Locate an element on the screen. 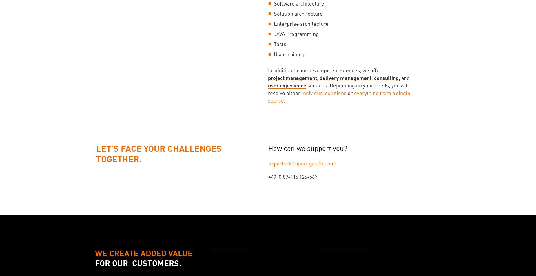 The image size is (536, 276). '+49 (0)89-416 126-667' is located at coordinates (292, 177).